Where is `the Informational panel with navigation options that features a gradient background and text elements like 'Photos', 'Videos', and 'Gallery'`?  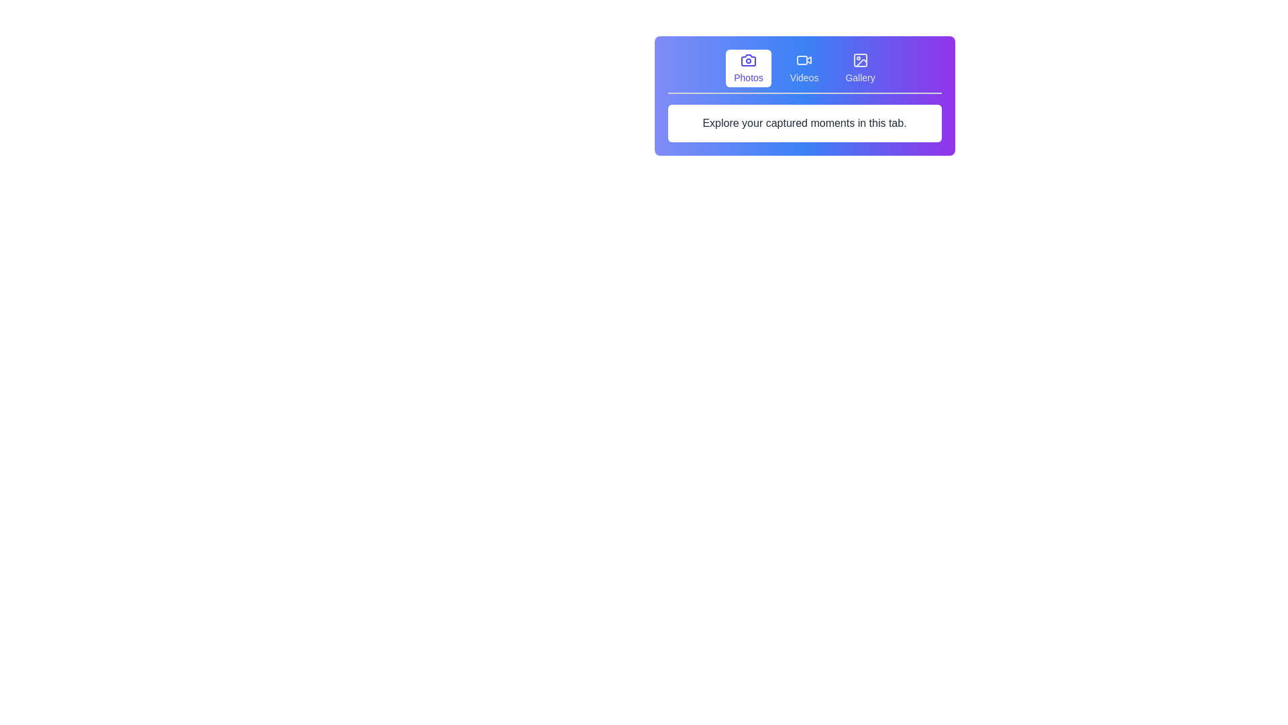 the Informational panel with navigation options that features a gradient background and text elements like 'Photos', 'Videos', and 'Gallery' is located at coordinates (804, 95).